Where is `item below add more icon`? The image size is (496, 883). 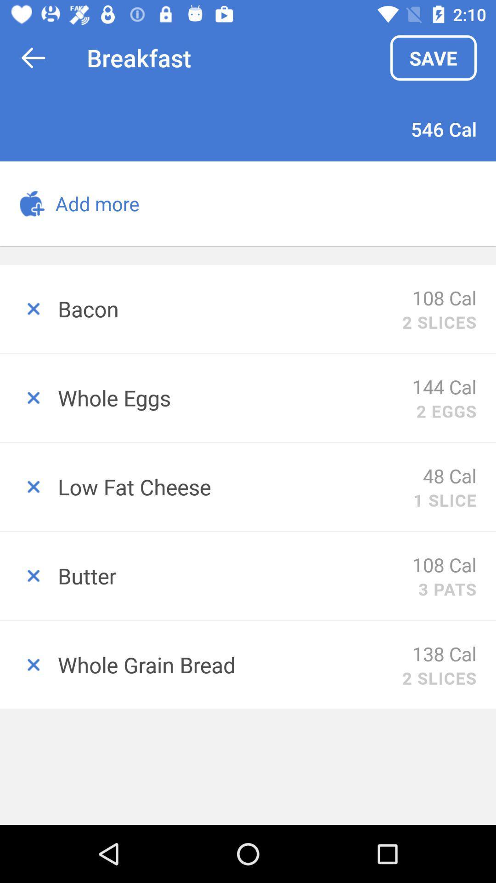 item below add more icon is located at coordinates (229, 309).